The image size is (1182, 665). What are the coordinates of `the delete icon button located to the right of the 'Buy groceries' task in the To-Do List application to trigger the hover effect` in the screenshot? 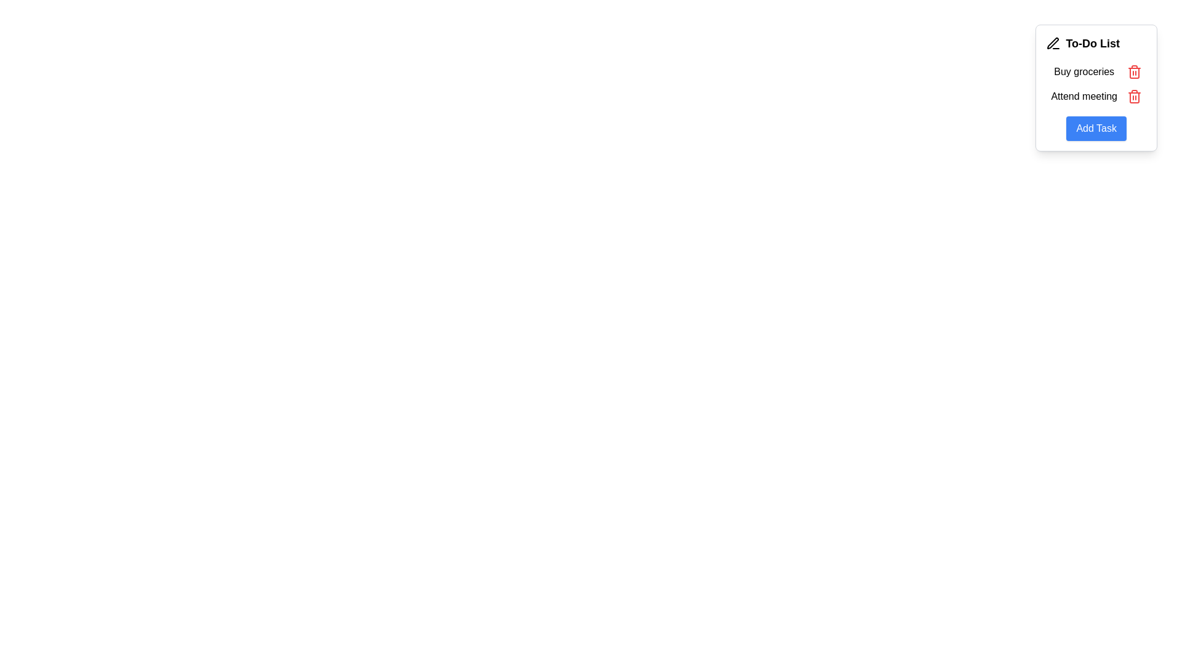 It's located at (1134, 71).